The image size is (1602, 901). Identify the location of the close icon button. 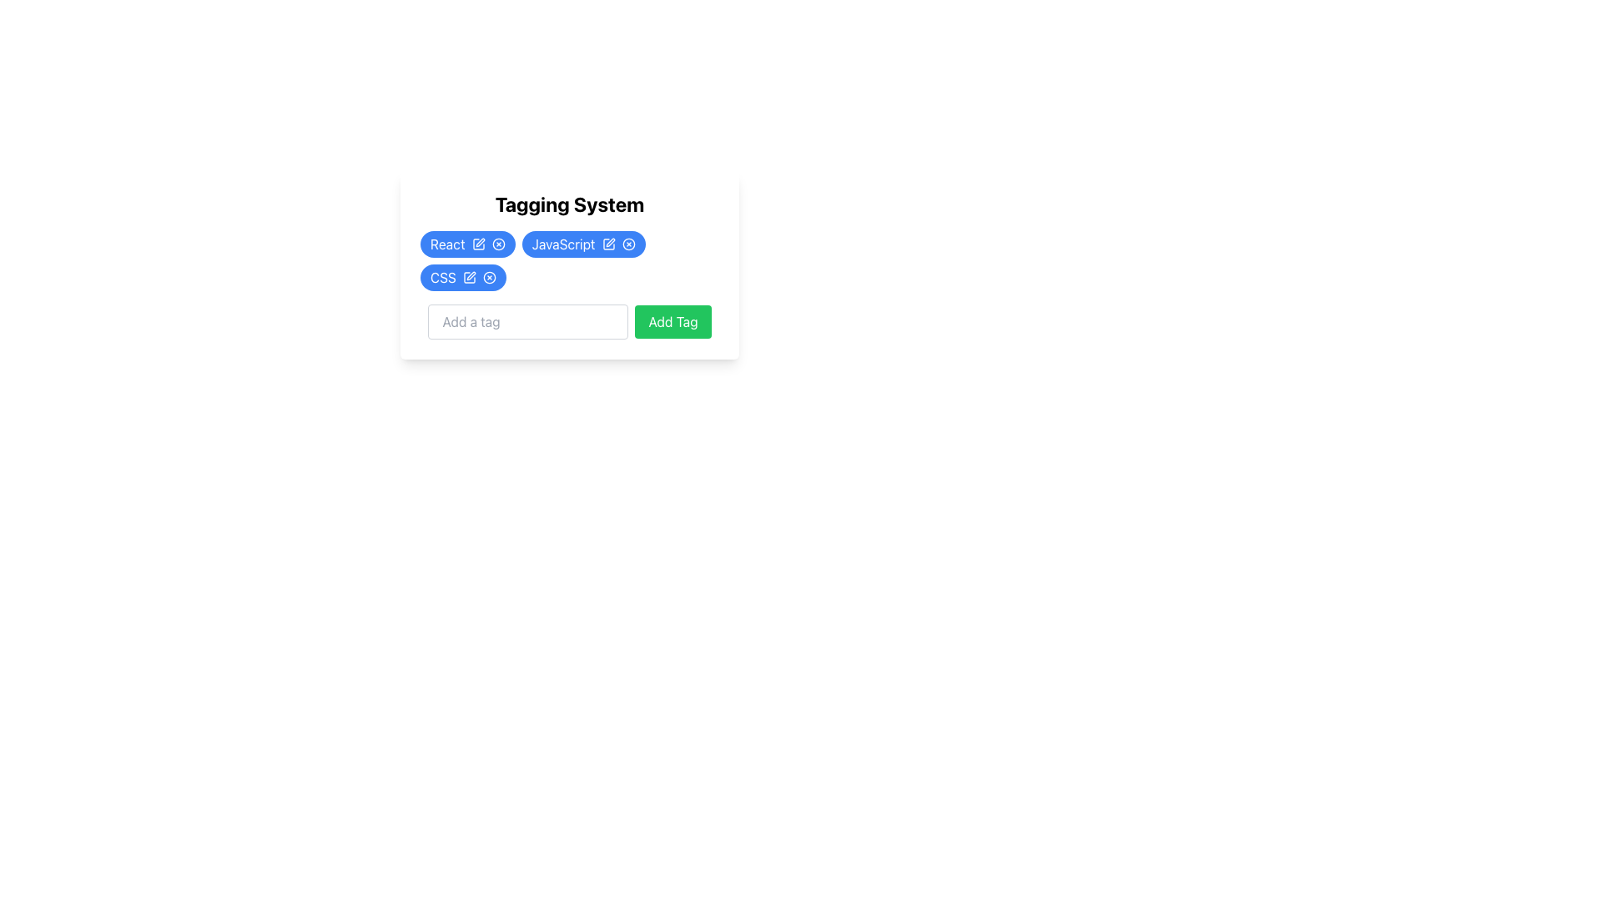
(497, 244).